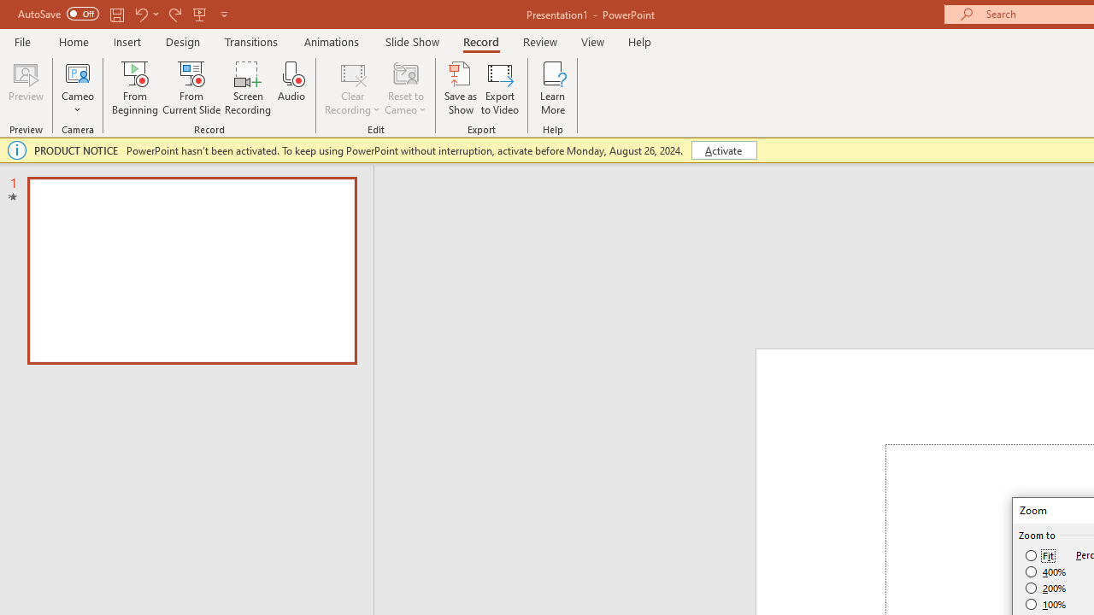 Image resolution: width=1094 pixels, height=615 pixels. What do you see at coordinates (1045, 588) in the screenshot?
I see `'200%'` at bounding box center [1045, 588].